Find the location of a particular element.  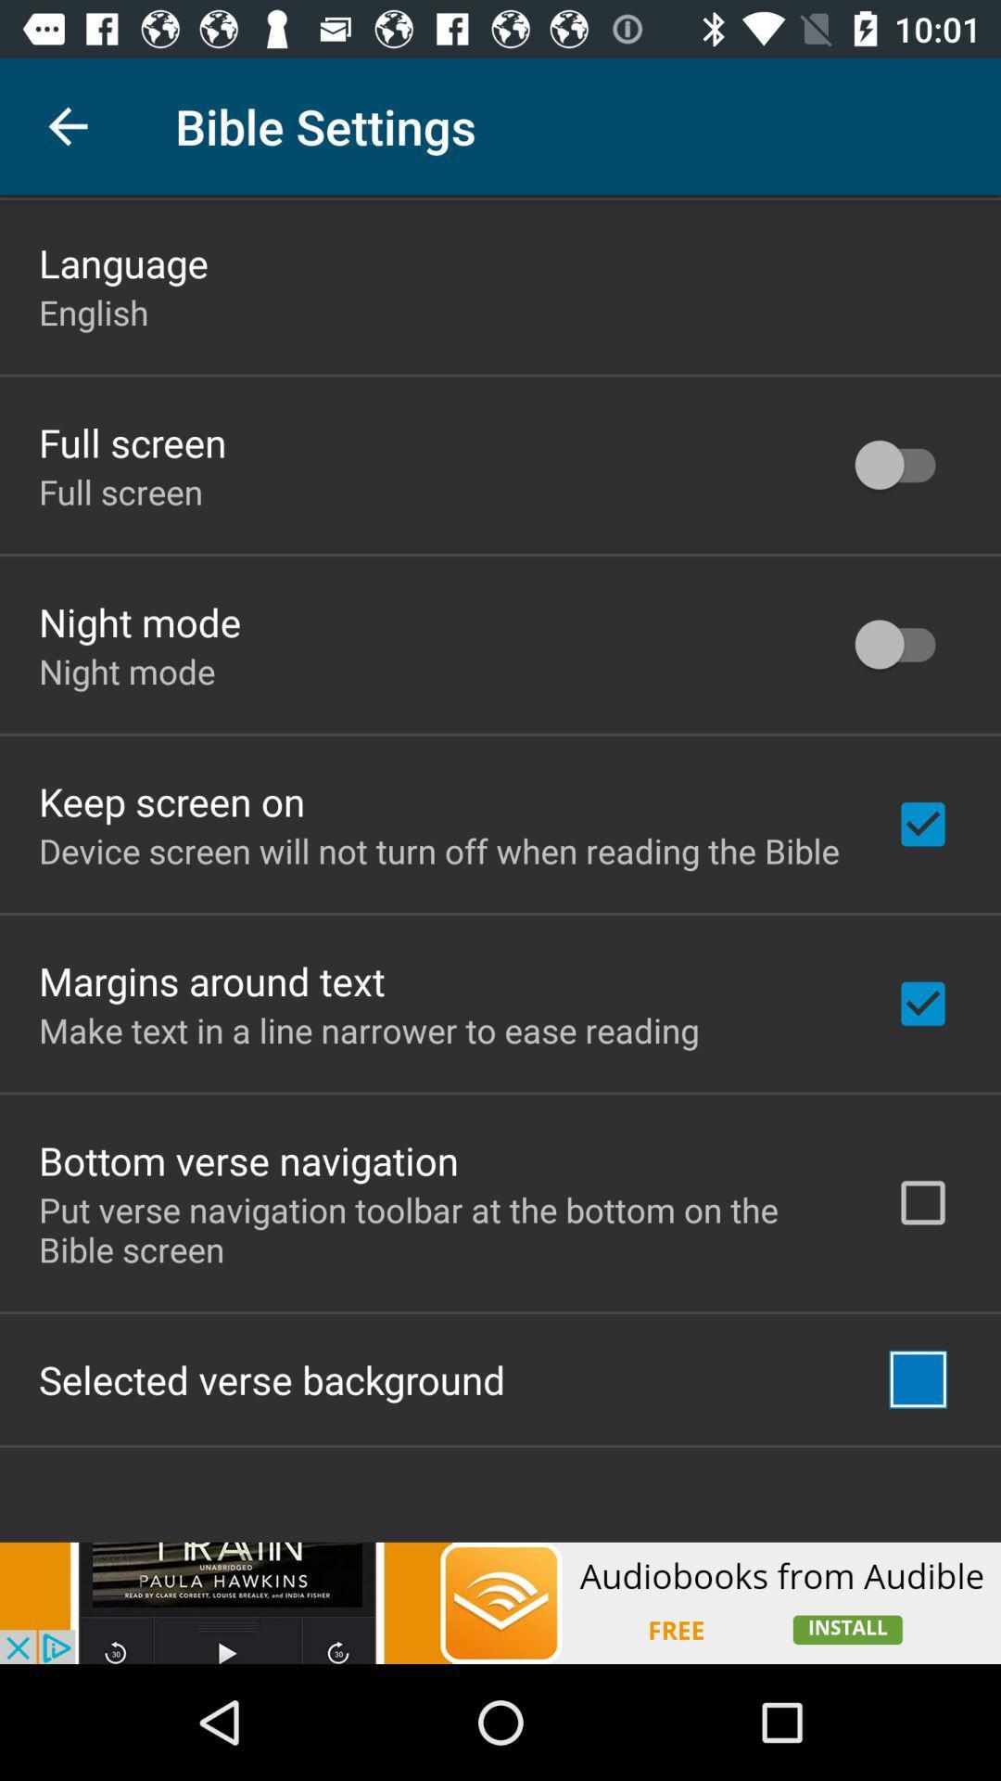

interact with advertisement is located at coordinates (500, 1602).